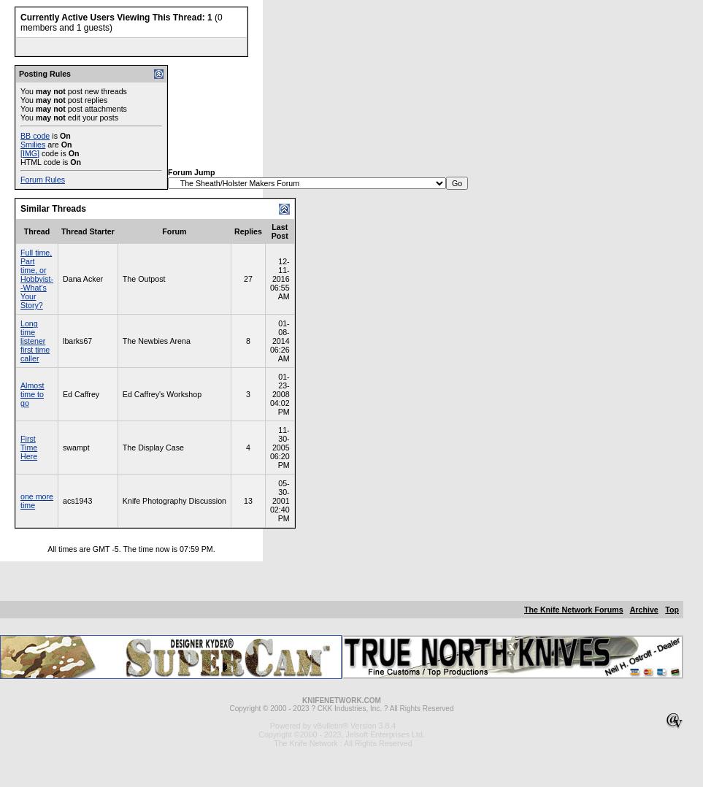  I want to click on 'Powered by vBulletin® Version 3.8.4', so click(331, 726).